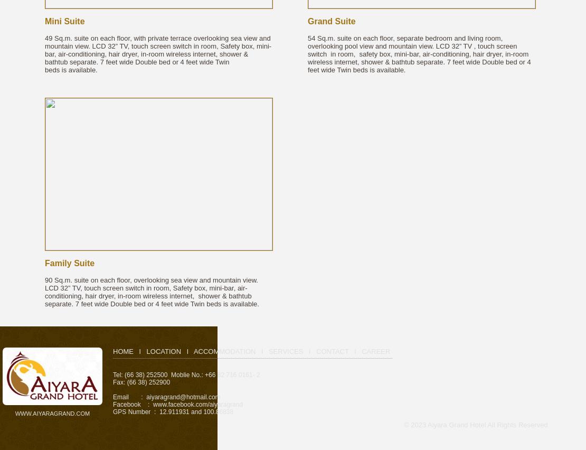 The height and width of the screenshot is (450, 586). Describe the element at coordinates (157, 53) in the screenshot. I see `'49 Sq.m. suite on each floor, with private terrace overlooking sea view and mountain view. LCD 32” TV, touch screen switch in room, Safety box, mini-bar, air-conditioning, hair dryer, in-room wireless internet, shower & bathtub separate. 7 feet wide Double bed or 4 feet wide Twin beds is available.'` at that location.